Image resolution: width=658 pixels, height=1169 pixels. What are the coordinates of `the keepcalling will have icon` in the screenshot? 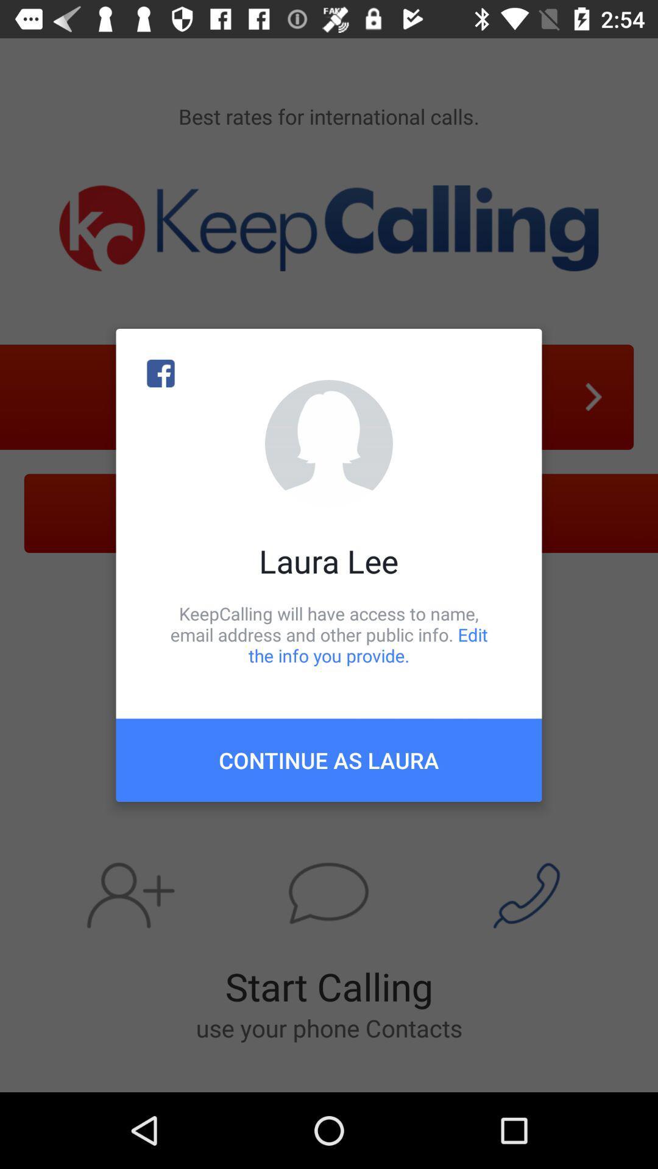 It's located at (329, 634).